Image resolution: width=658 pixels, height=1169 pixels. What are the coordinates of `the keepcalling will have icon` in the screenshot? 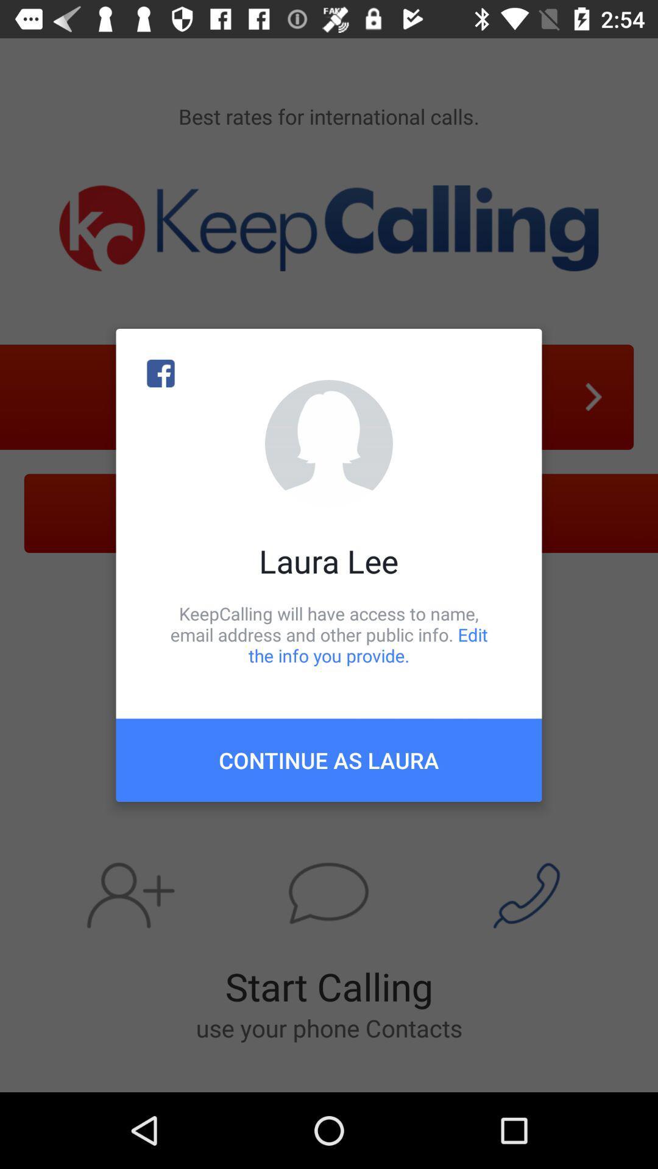 It's located at (329, 634).